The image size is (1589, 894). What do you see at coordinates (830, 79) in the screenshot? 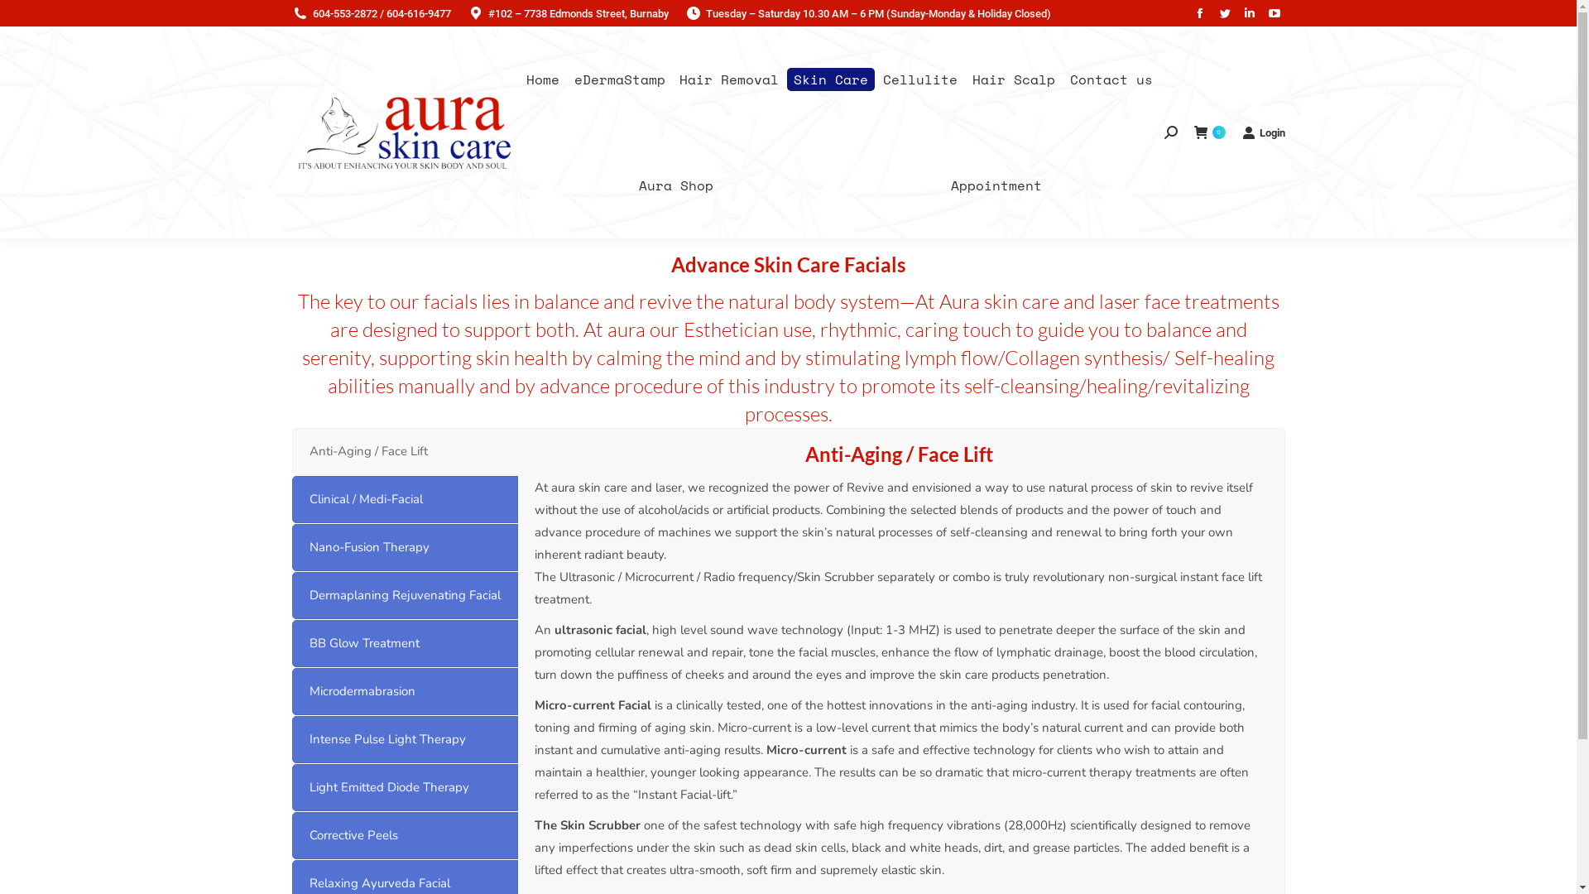
I see `'Skin Care'` at bounding box center [830, 79].